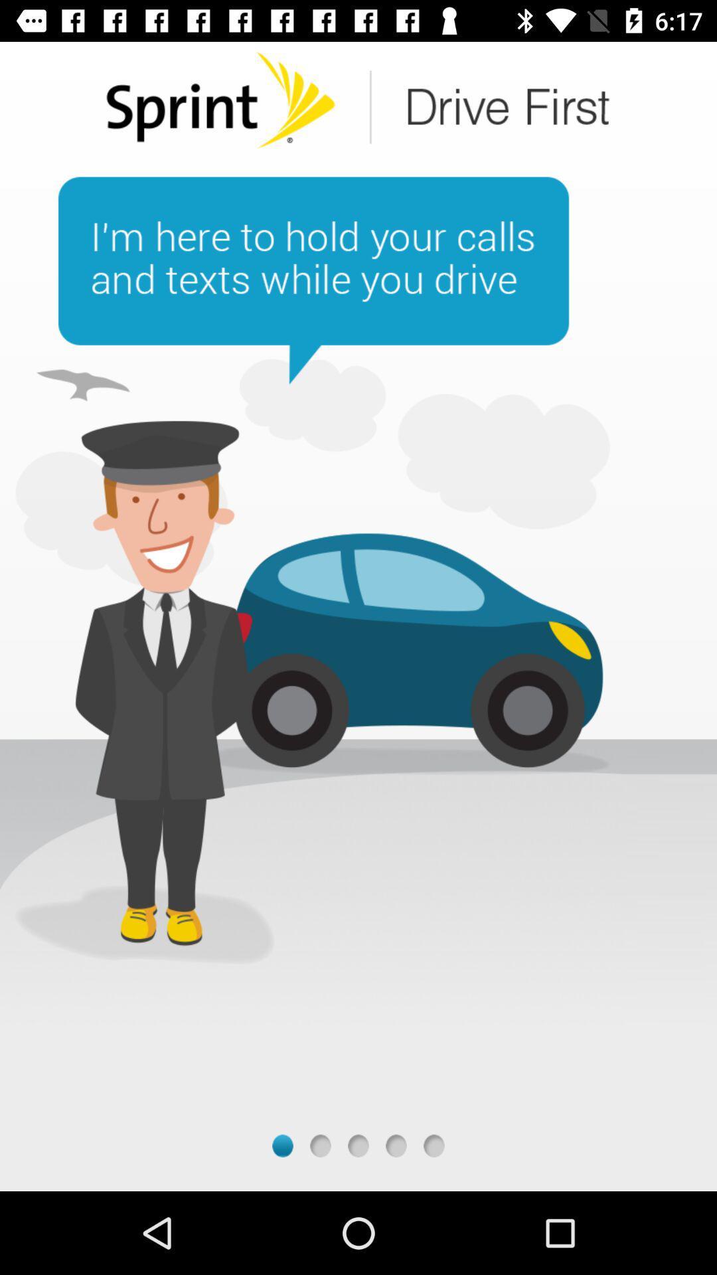  I want to click on the fourth page, so click(396, 1145).